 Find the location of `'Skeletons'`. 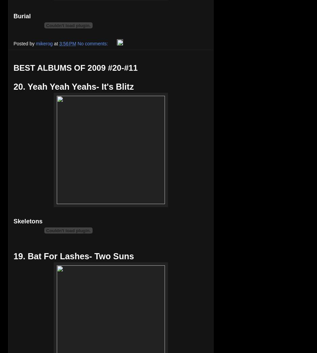

'Skeletons' is located at coordinates (28, 221).